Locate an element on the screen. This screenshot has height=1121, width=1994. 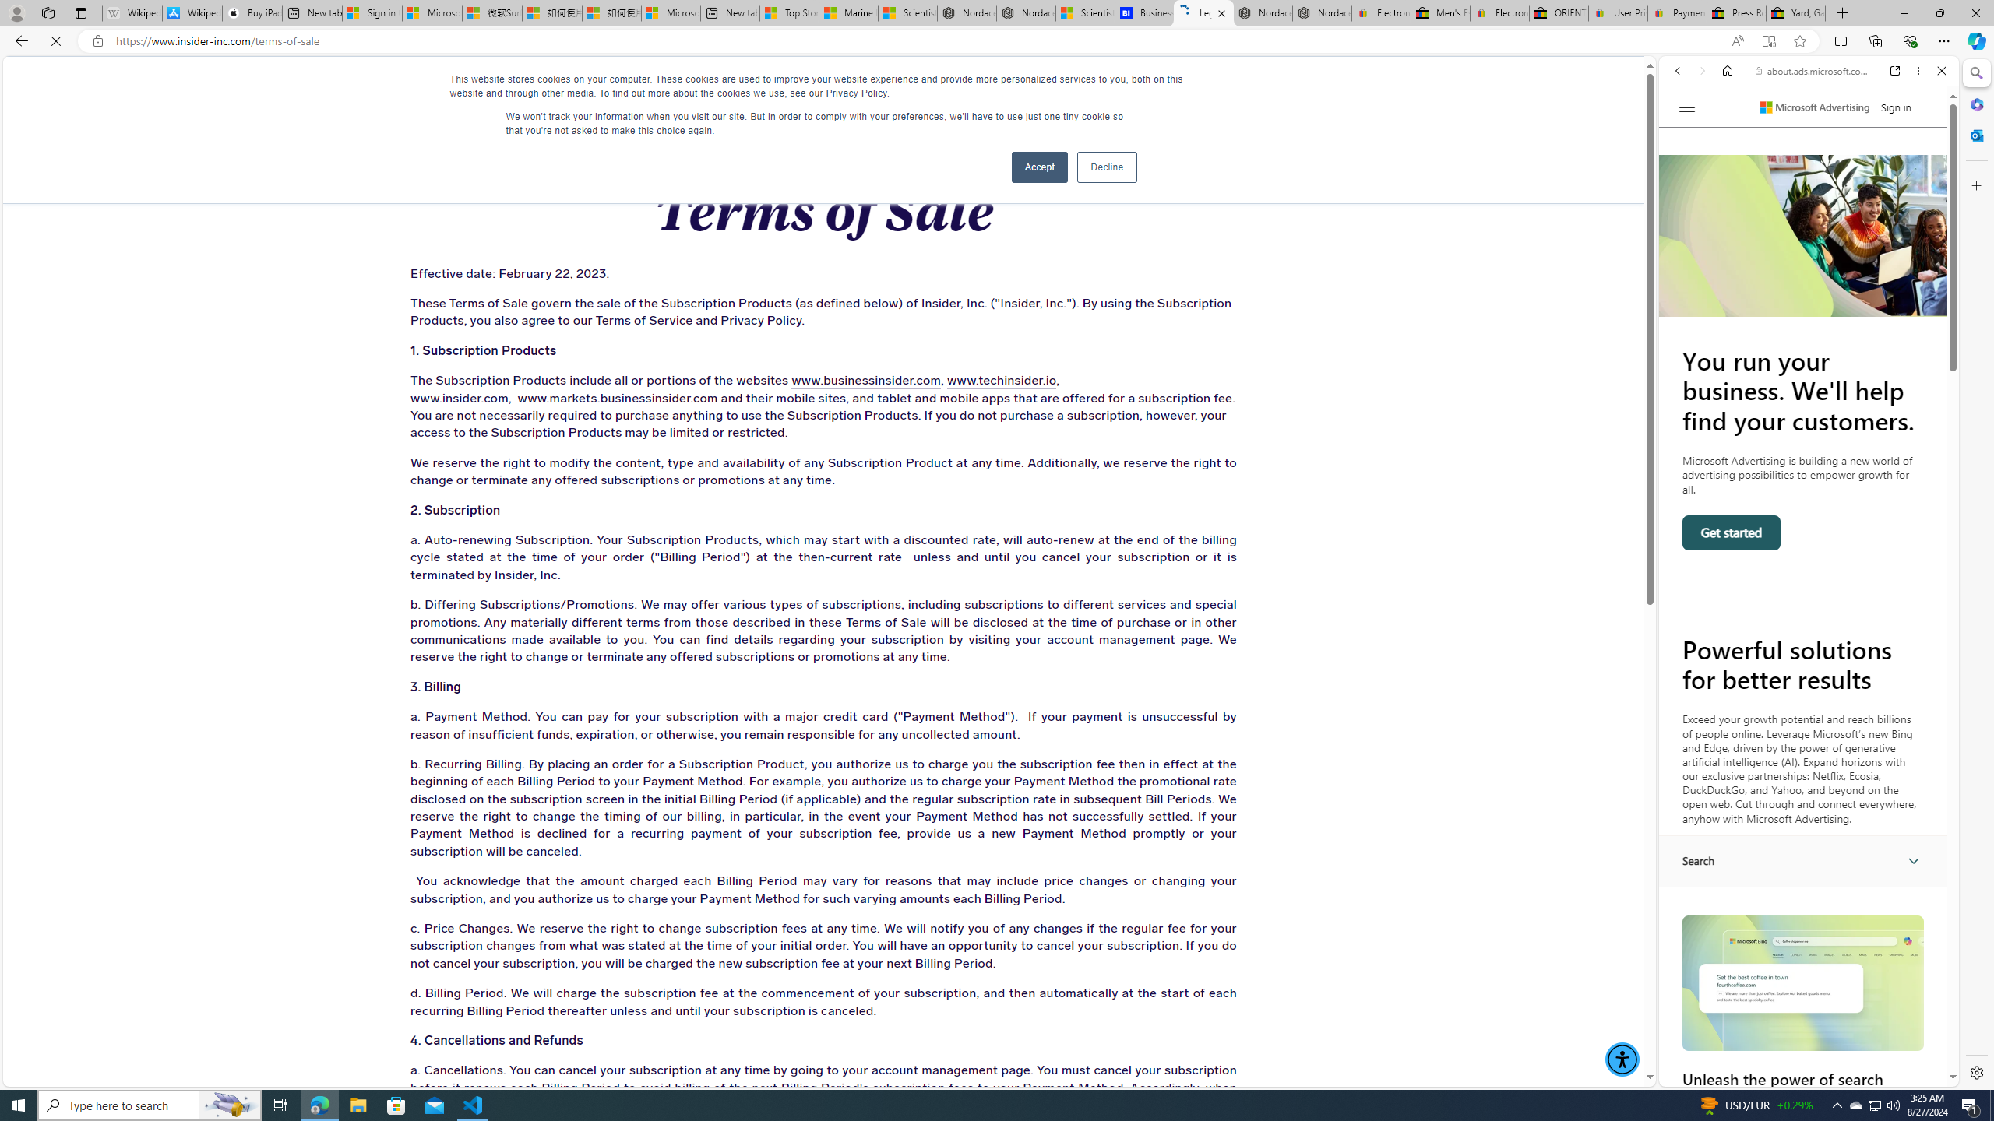
'AutomationID: search' is located at coordinates (1803, 859).